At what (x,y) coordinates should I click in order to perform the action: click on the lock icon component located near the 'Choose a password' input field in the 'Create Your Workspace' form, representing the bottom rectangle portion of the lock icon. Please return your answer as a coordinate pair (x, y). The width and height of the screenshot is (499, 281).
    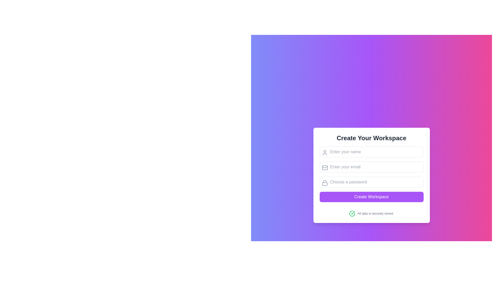
    Looking at the image, I should click on (324, 184).